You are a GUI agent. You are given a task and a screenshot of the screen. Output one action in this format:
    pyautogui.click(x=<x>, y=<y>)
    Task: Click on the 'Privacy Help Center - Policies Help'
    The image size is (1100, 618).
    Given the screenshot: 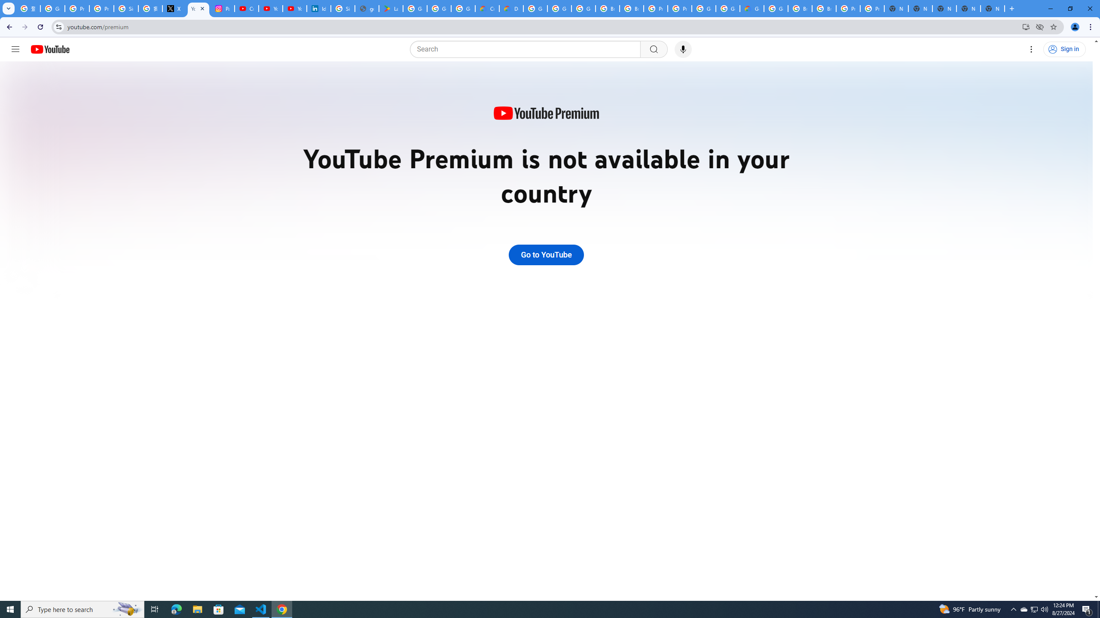 What is the action you would take?
    pyautogui.click(x=101, y=8)
    